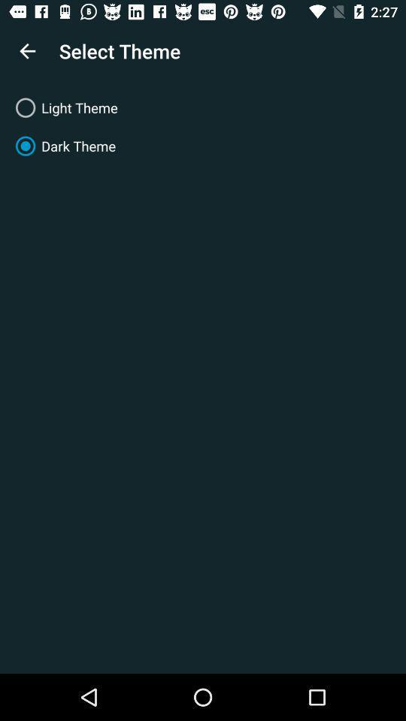 This screenshot has height=721, width=406. What do you see at coordinates (203, 146) in the screenshot?
I see `dark theme` at bounding box center [203, 146].